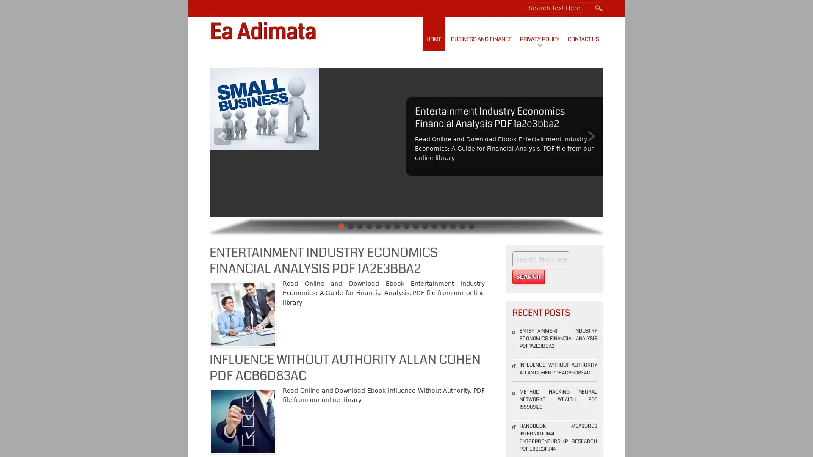  I want to click on Search, so click(528, 277).